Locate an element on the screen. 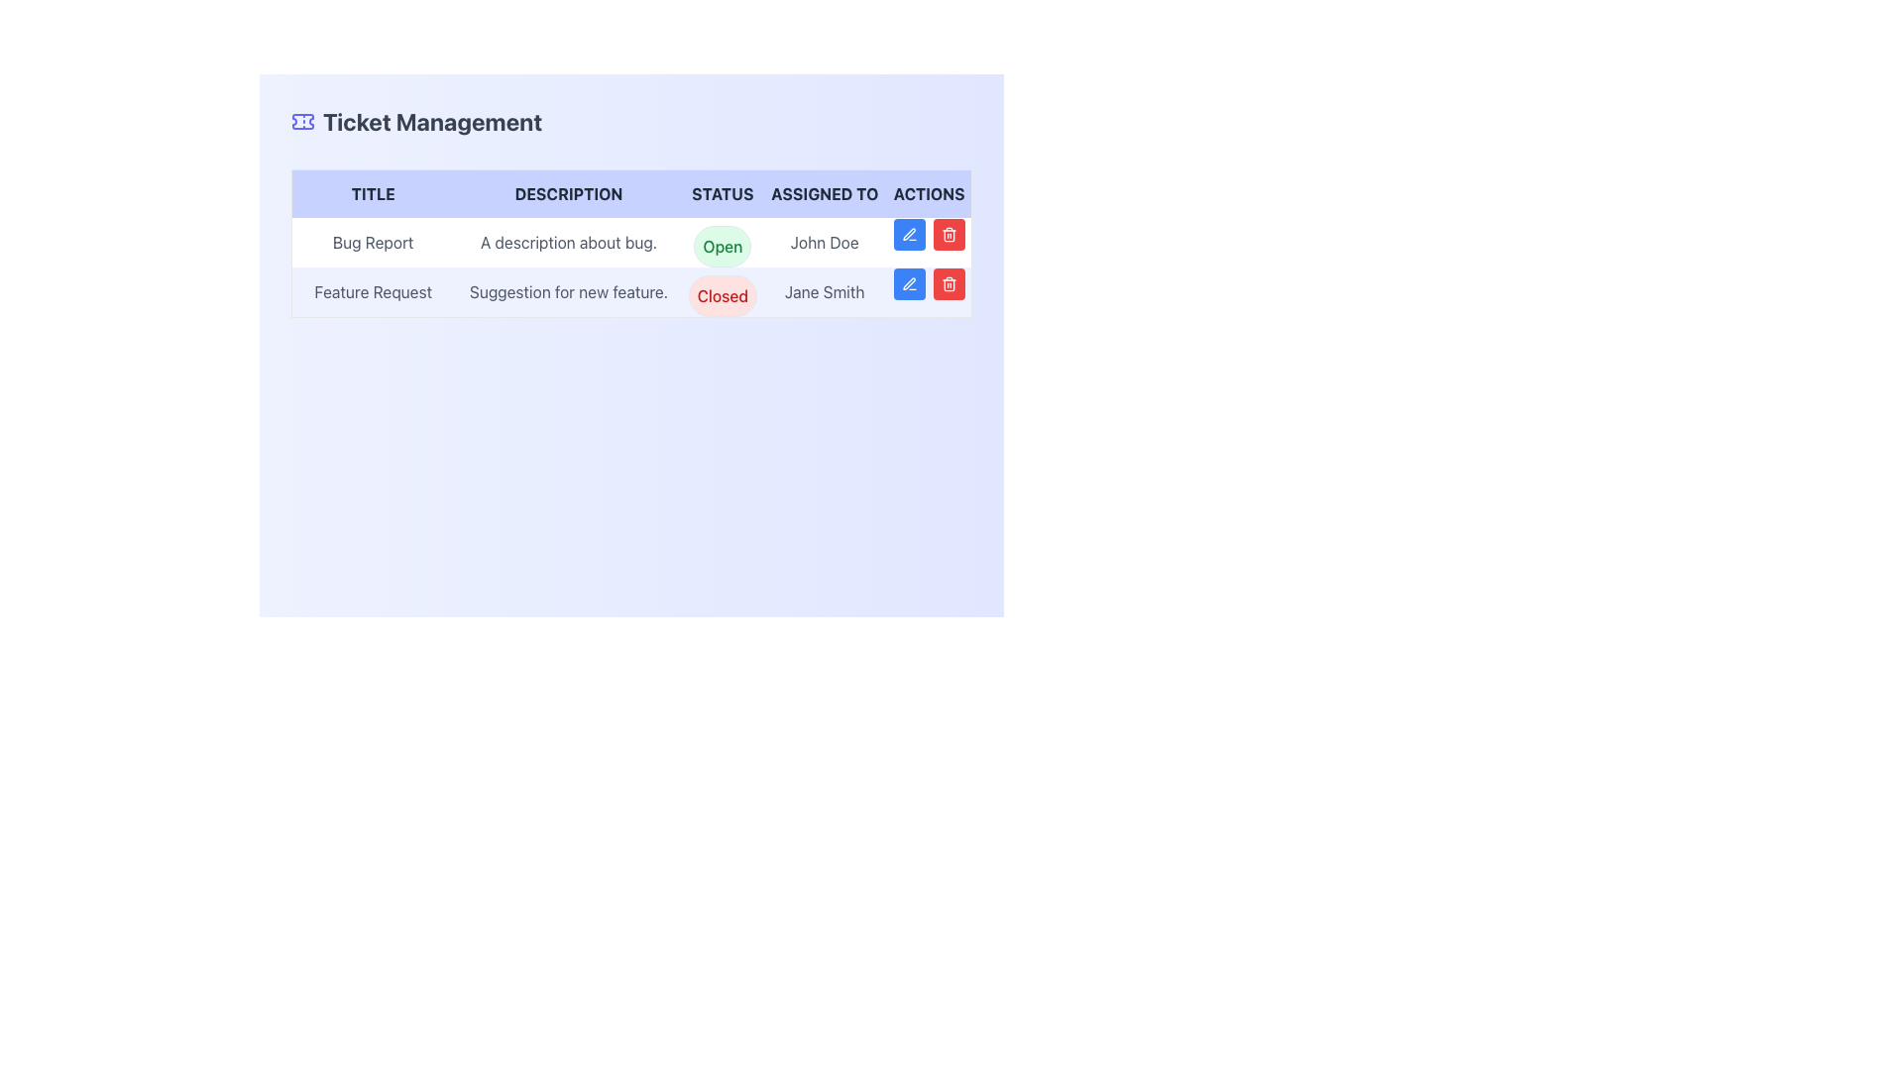 The width and height of the screenshot is (1903, 1070). the ticket management icon located at the leftmost position in the header section labeled 'Ticket Management' is located at coordinates (302, 122).